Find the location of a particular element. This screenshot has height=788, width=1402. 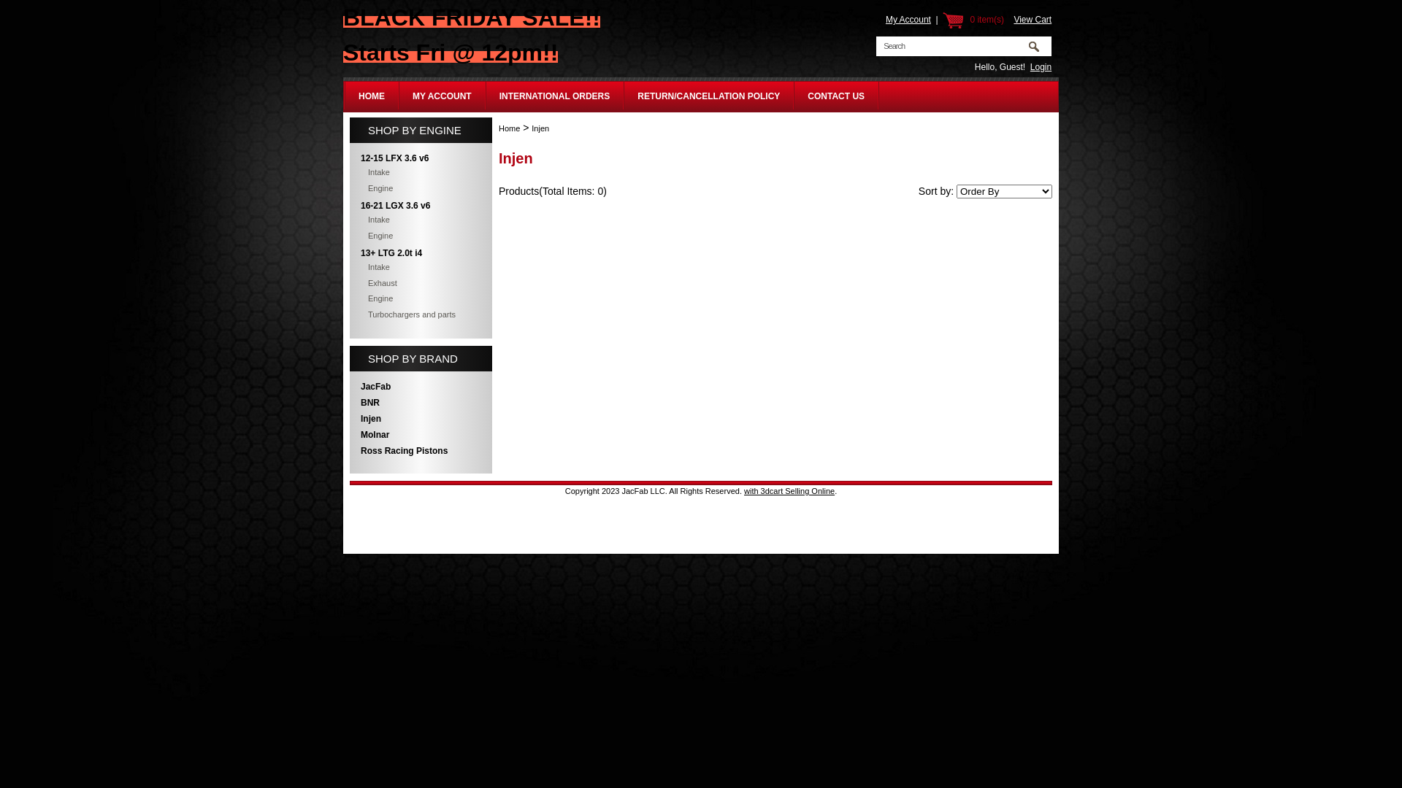

'MY ACCOUNT' is located at coordinates (441, 96).